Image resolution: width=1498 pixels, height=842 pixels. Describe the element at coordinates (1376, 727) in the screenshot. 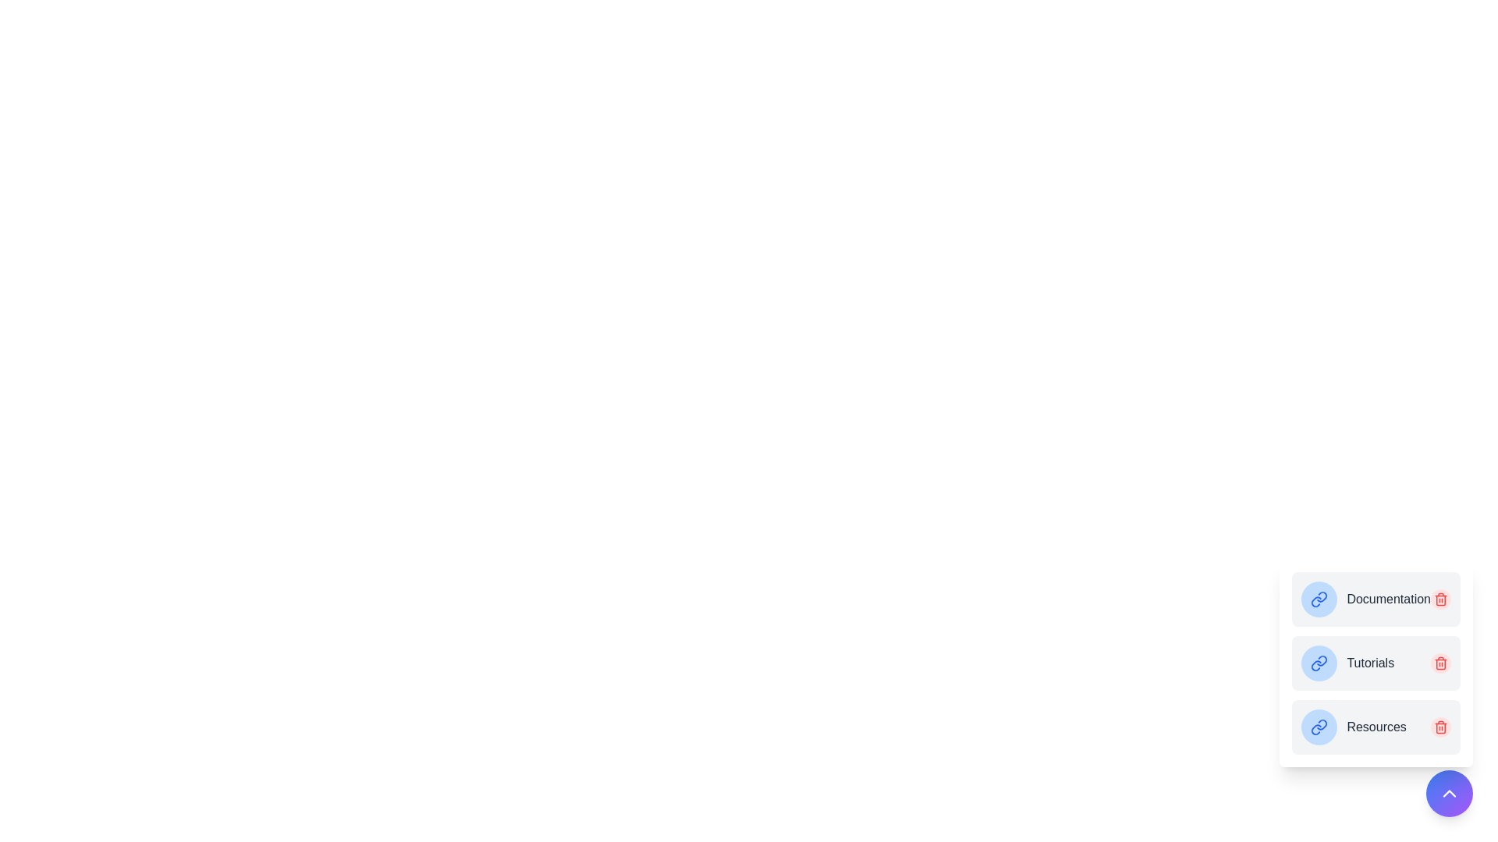

I see `the bookmark named Resources to open its link` at that location.